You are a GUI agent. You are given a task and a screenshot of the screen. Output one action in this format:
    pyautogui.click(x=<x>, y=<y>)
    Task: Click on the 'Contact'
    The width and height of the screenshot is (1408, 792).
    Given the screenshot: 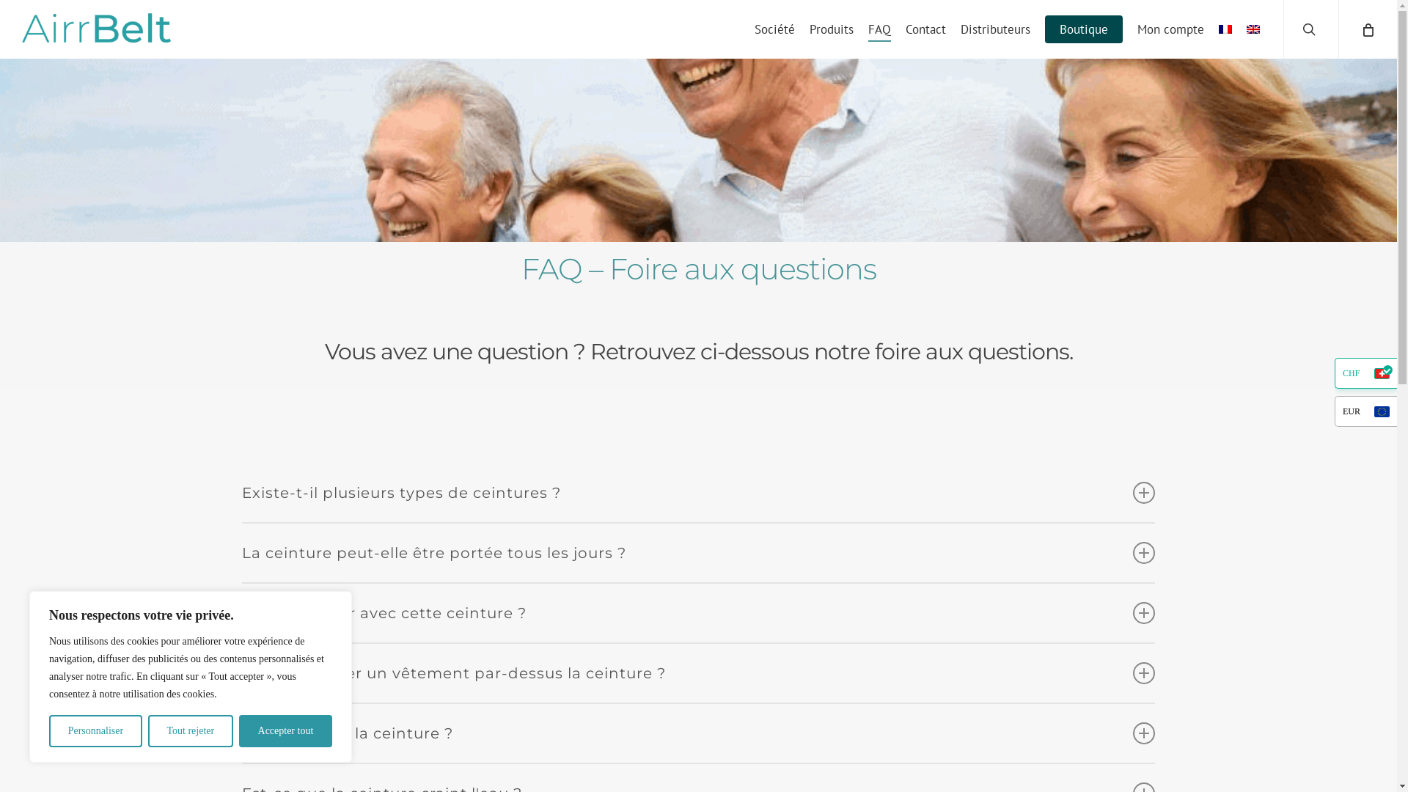 What is the action you would take?
    pyautogui.click(x=925, y=29)
    